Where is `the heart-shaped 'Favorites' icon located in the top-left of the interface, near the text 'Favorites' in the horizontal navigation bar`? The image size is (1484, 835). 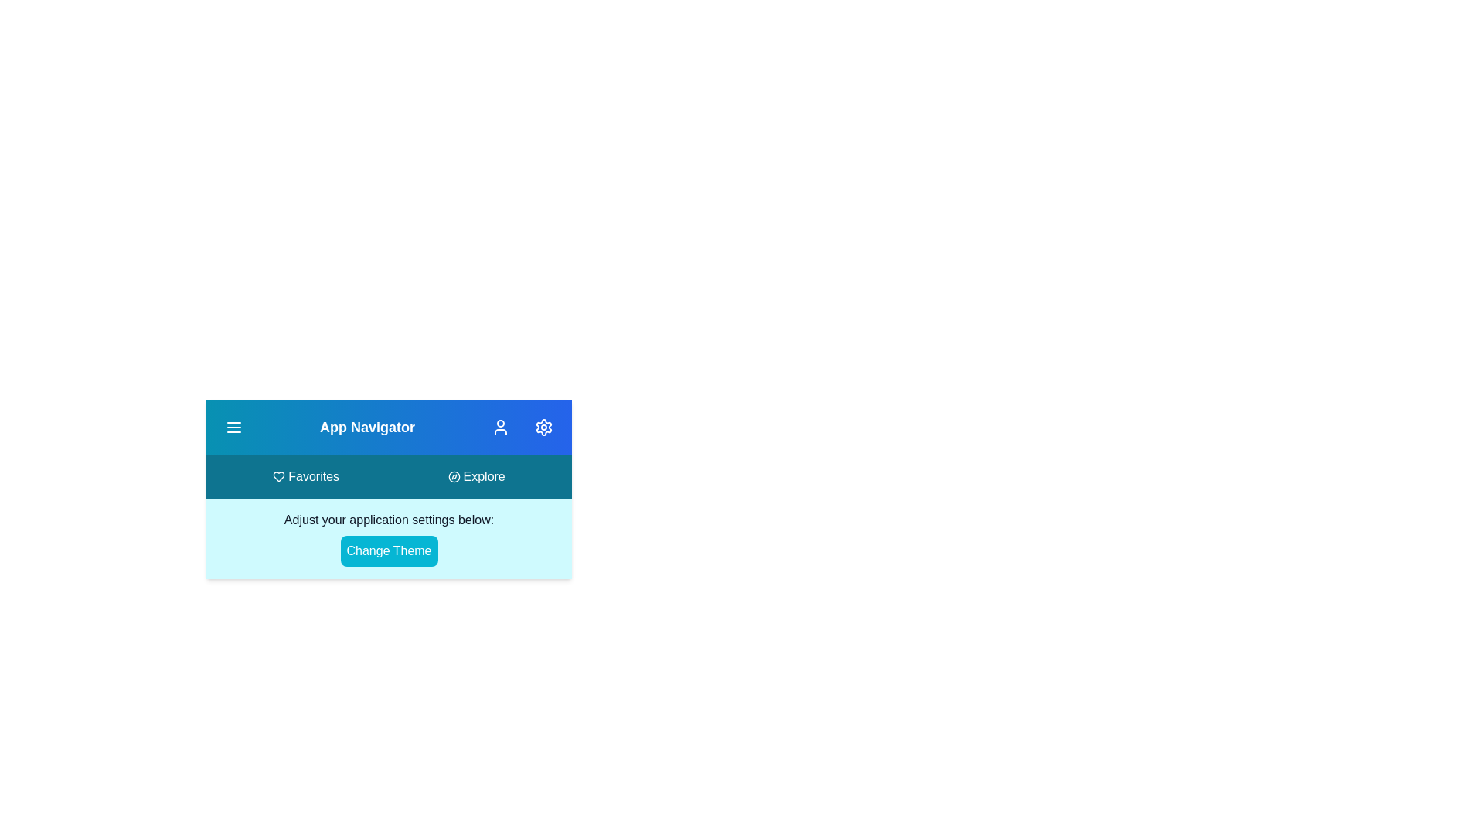 the heart-shaped 'Favorites' icon located in the top-left of the interface, near the text 'Favorites' in the horizontal navigation bar is located at coordinates (279, 476).